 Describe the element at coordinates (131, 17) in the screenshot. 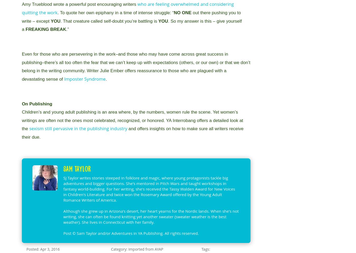

I see `'out there pushing you to write'` at that location.